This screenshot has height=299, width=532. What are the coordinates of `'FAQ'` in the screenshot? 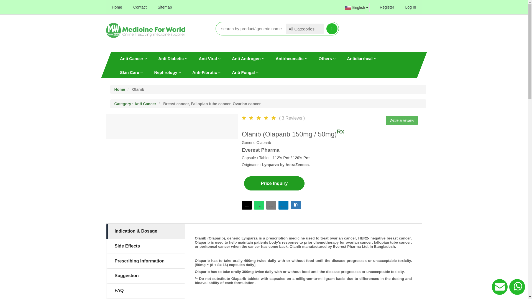 It's located at (146, 290).